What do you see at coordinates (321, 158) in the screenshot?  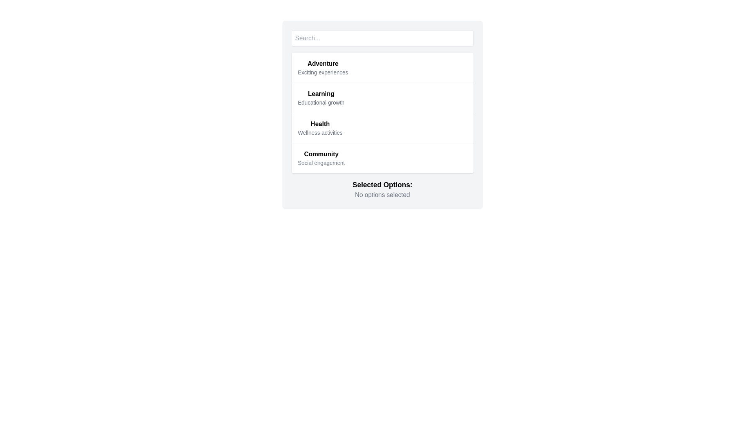 I see `the fourth entry in the list, which displays 'Community' in bold and 'Social engagement' in gray, indicating a textual list item with descriptive subtext` at bounding box center [321, 158].